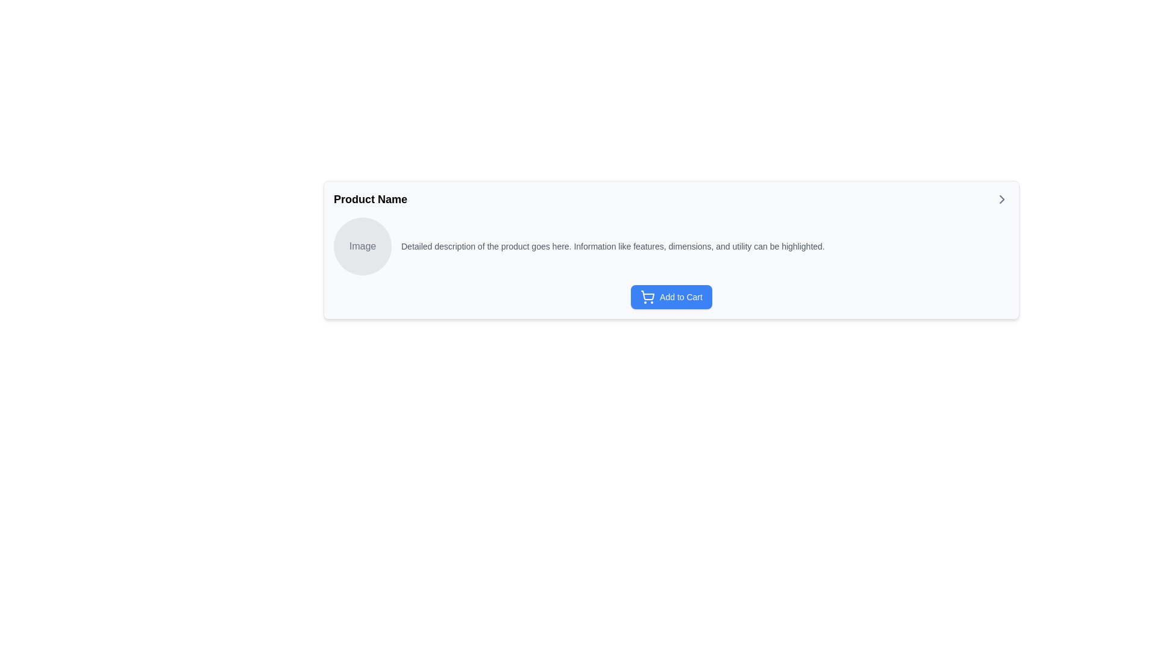  What do you see at coordinates (671, 297) in the screenshot?
I see `the blue 'Add to Cart' button with white text and a shopping cart icon` at bounding box center [671, 297].